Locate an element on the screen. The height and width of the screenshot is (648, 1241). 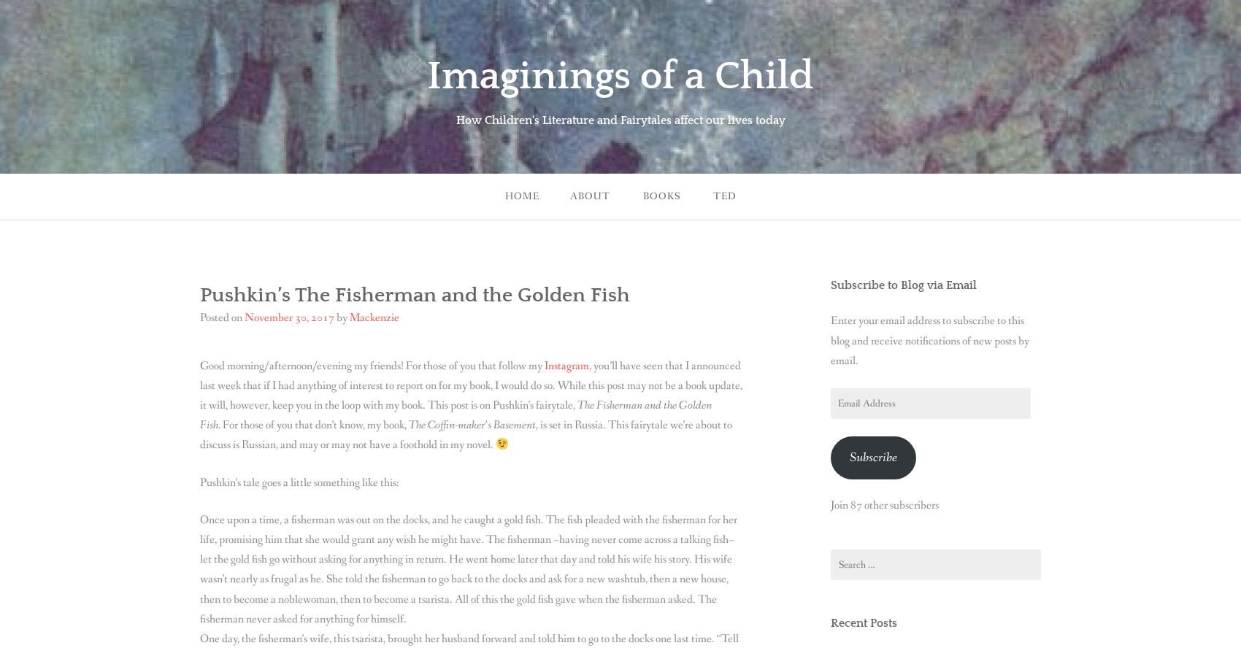
'The Coffin-maker’s Basement,' is located at coordinates (407, 425).